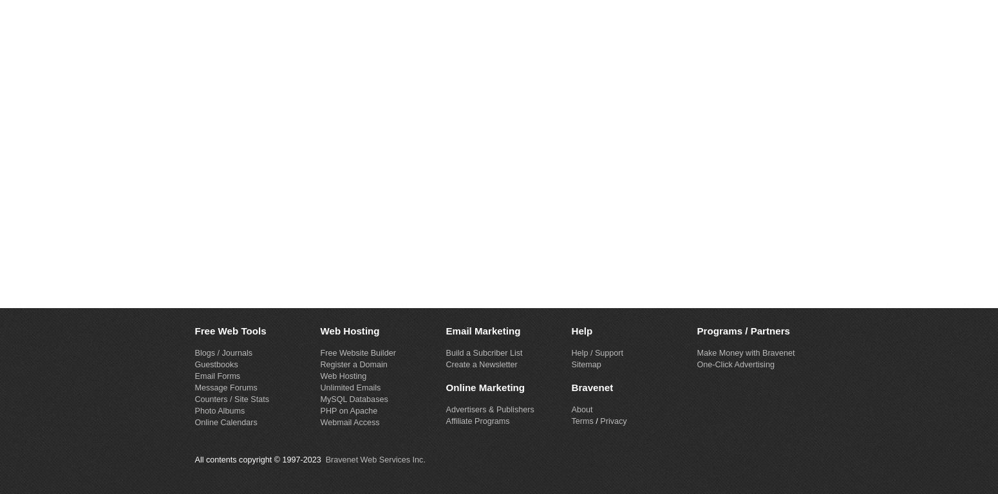 The height and width of the screenshot is (494, 998). Describe the element at coordinates (375, 459) in the screenshot. I see `'Bravenet Web Services Inc.'` at that location.